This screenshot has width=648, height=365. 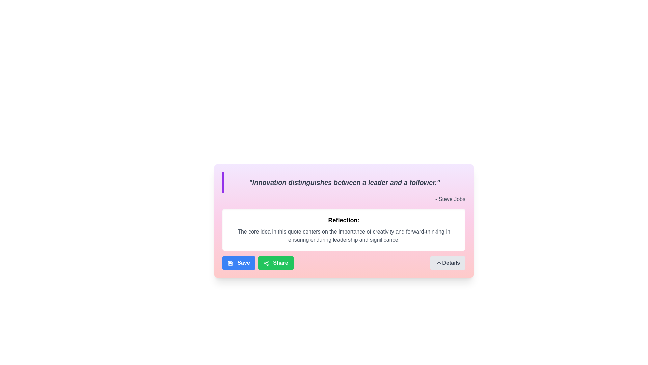 What do you see at coordinates (230, 263) in the screenshot?
I see `the save icon located on the left edge of the 'Save' button at the bottom left of the visible card` at bounding box center [230, 263].